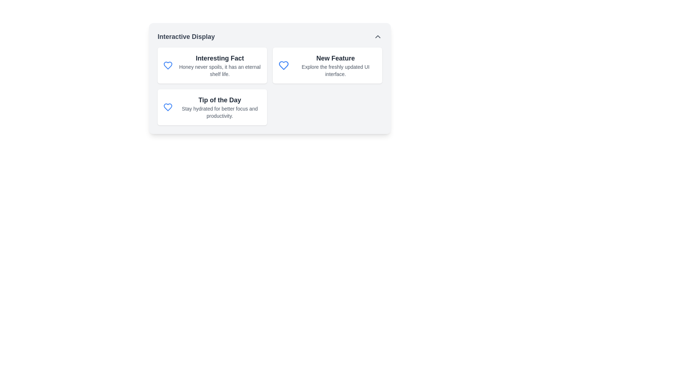 The image size is (691, 389). Describe the element at coordinates (283, 65) in the screenshot. I see `the blue heart-shaped SVG icon located in the top-right card titled 'New Feature' that contains the text 'Explore the freshly updated UI interface.'` at that location.